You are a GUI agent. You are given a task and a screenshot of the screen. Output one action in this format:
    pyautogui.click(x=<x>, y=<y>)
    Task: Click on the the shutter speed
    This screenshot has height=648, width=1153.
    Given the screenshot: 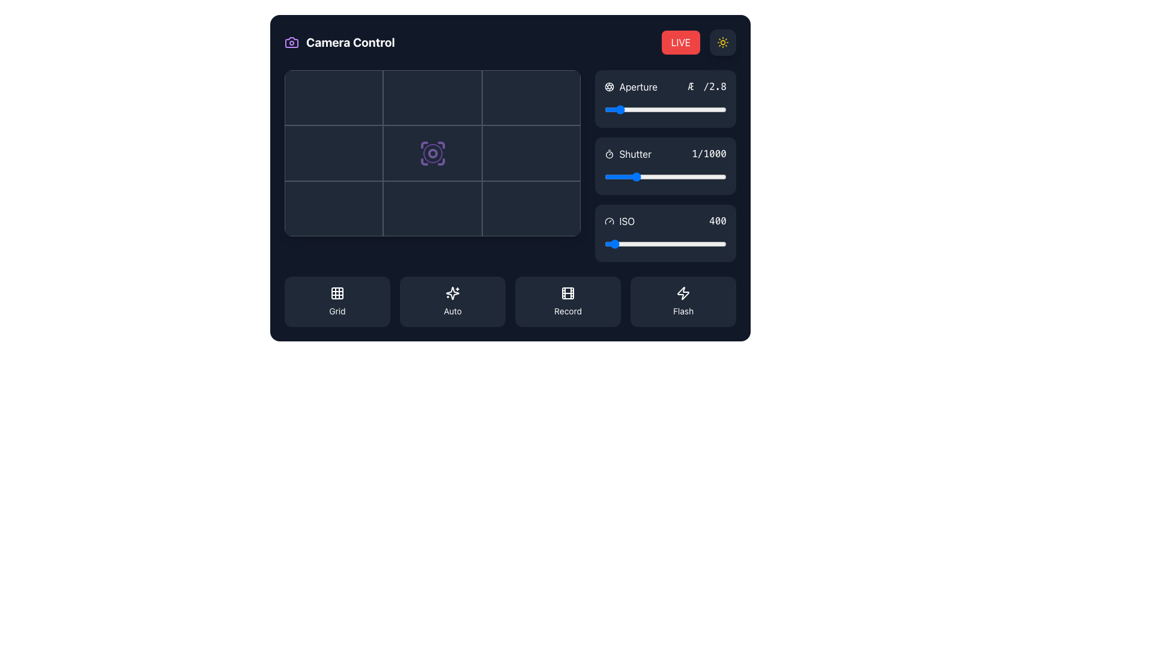 What is the action you would take?
    pyautogui.click(x=704, y=176)
    